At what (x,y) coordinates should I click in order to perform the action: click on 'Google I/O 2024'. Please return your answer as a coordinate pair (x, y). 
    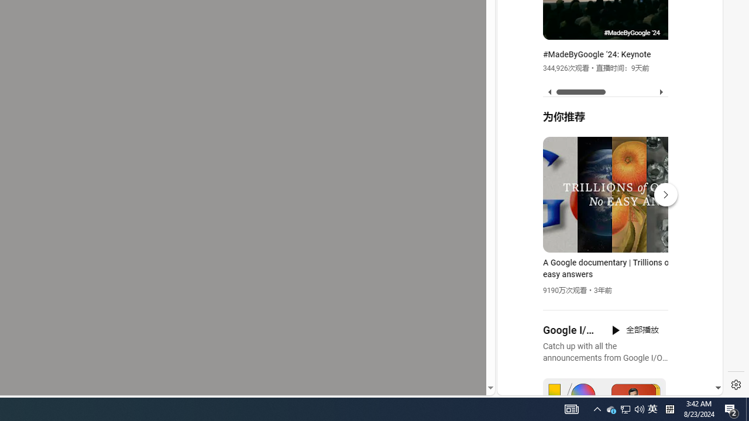
    Looking at the image, I should click on (570, 330).